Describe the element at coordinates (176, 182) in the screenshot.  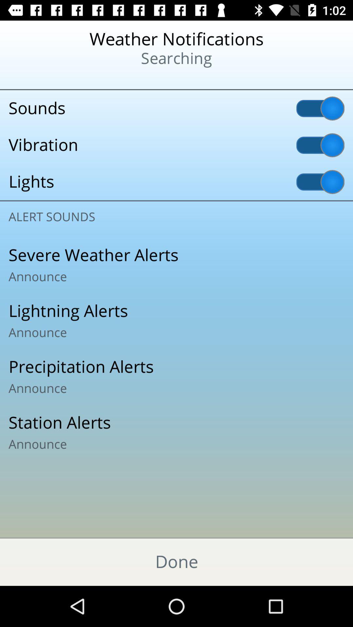
I see `the icon below the vibration item` at that location.